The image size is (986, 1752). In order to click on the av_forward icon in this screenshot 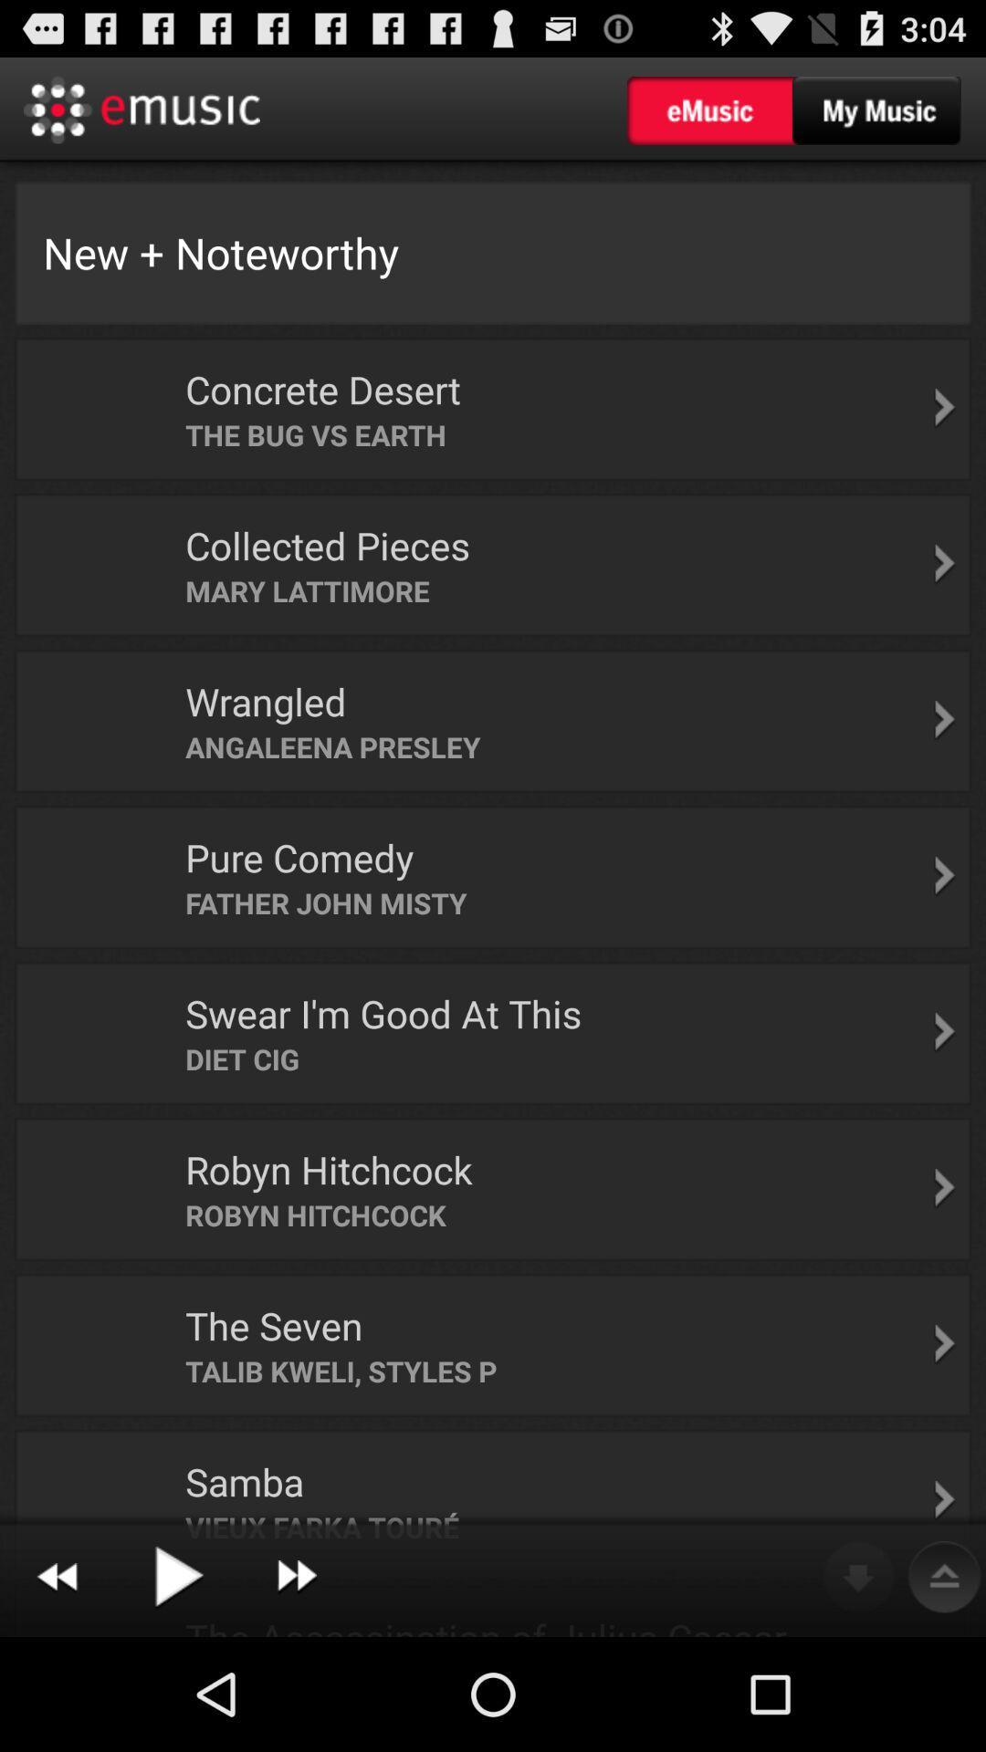, I will do `click(296, 1687)`.